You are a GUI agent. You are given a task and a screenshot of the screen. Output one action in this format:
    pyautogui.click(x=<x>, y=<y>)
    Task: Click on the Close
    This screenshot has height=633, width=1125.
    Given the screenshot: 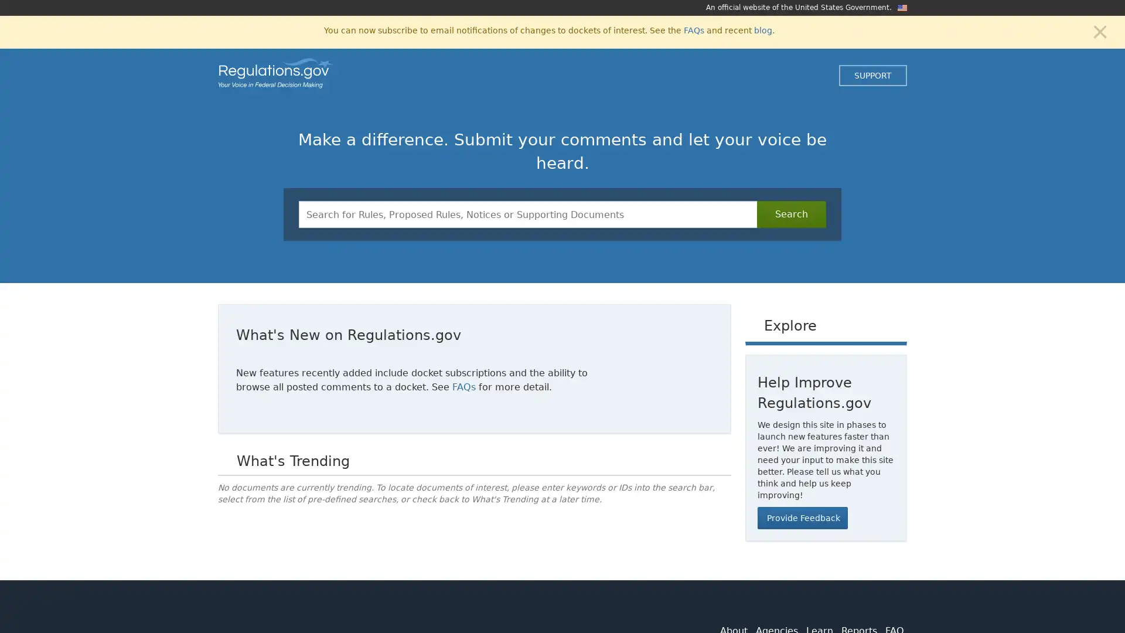 What is the action you would take?
    pyautogui.click(x=1099, y=30)
    